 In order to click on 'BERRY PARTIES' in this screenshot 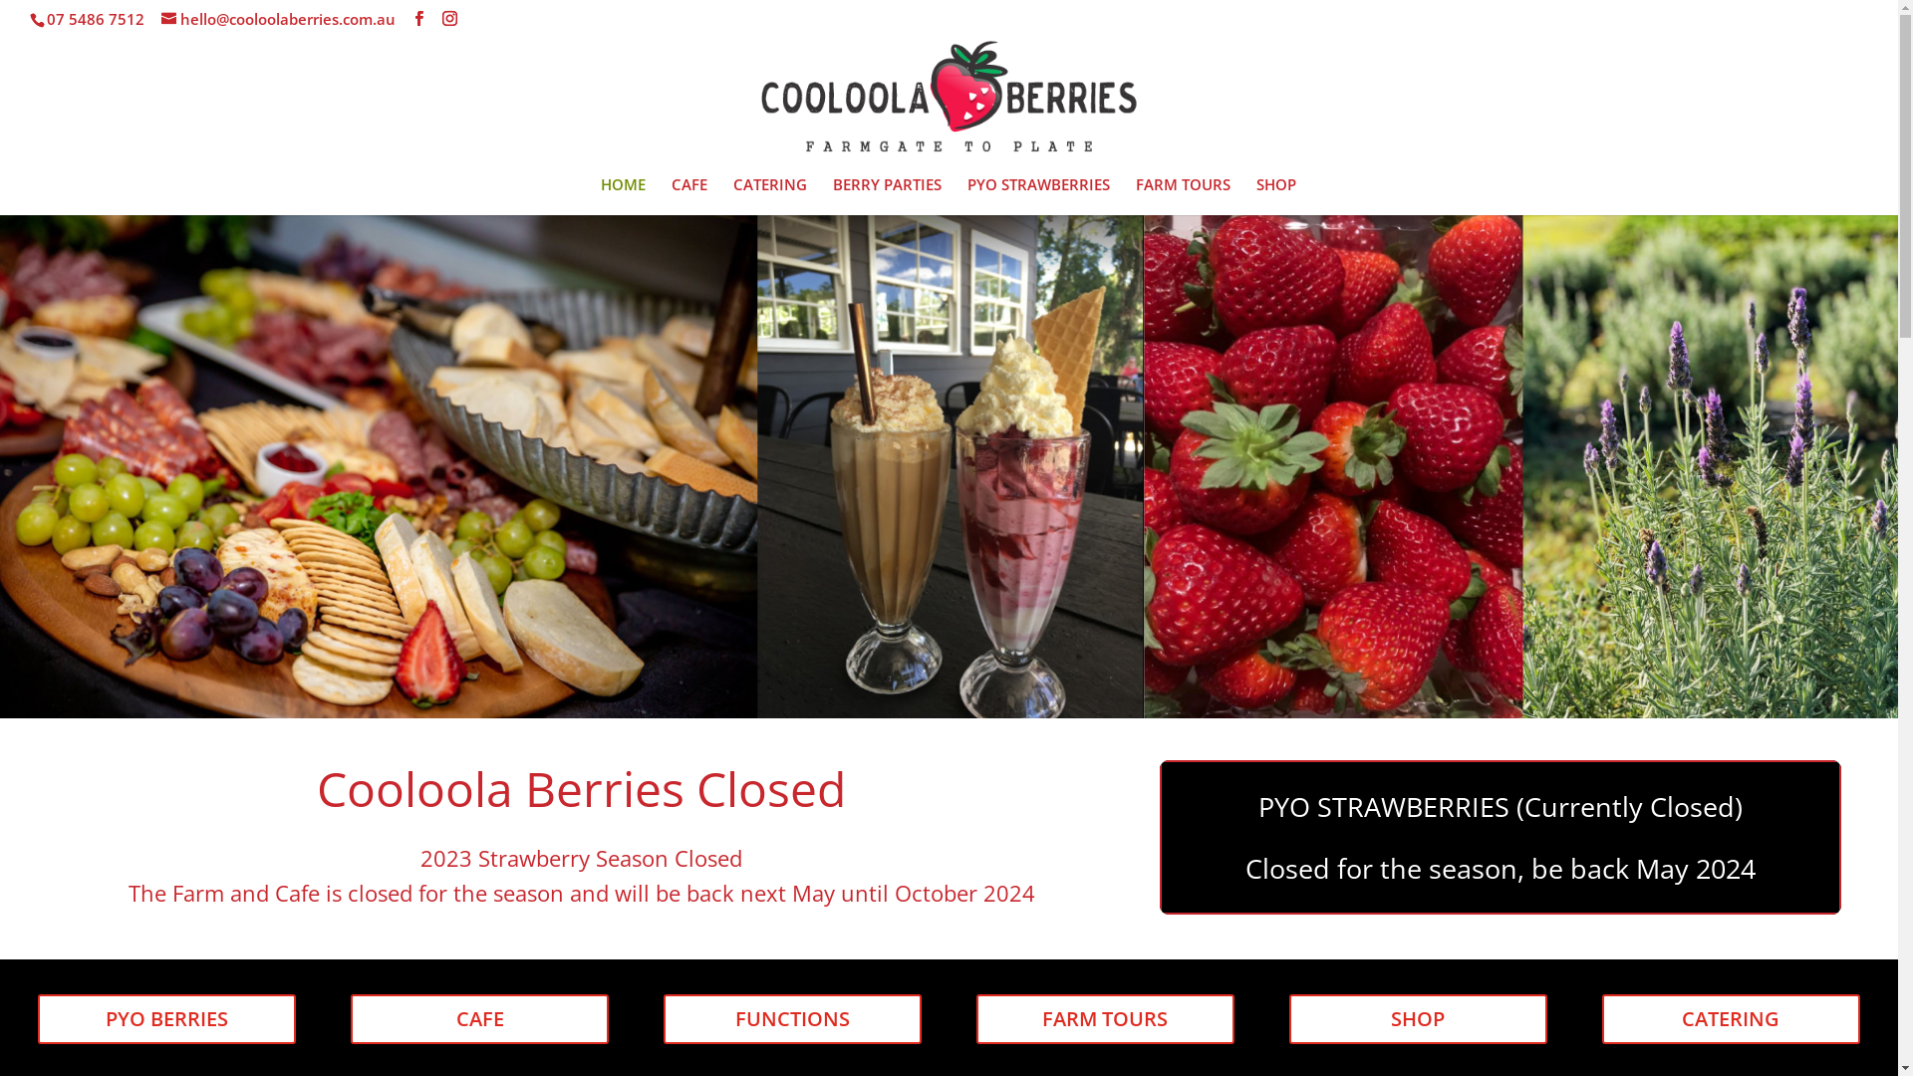, I will do `click(832, 195)`.